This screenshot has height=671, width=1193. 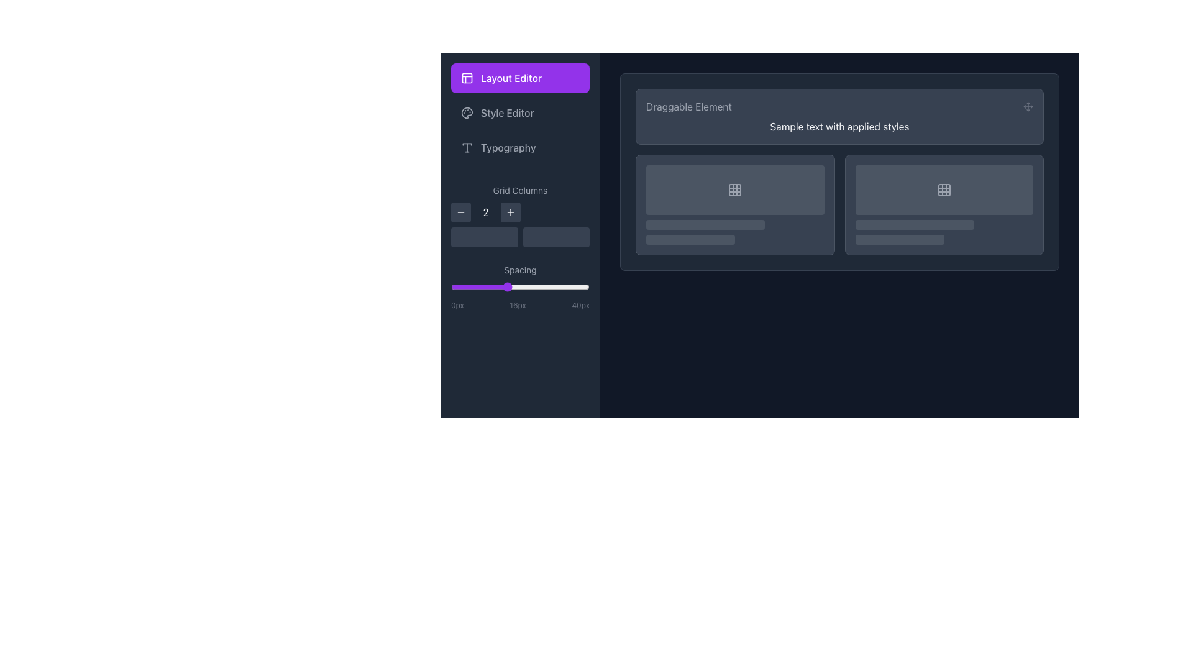 I want to click on spacing, so click(x=568, y=287).